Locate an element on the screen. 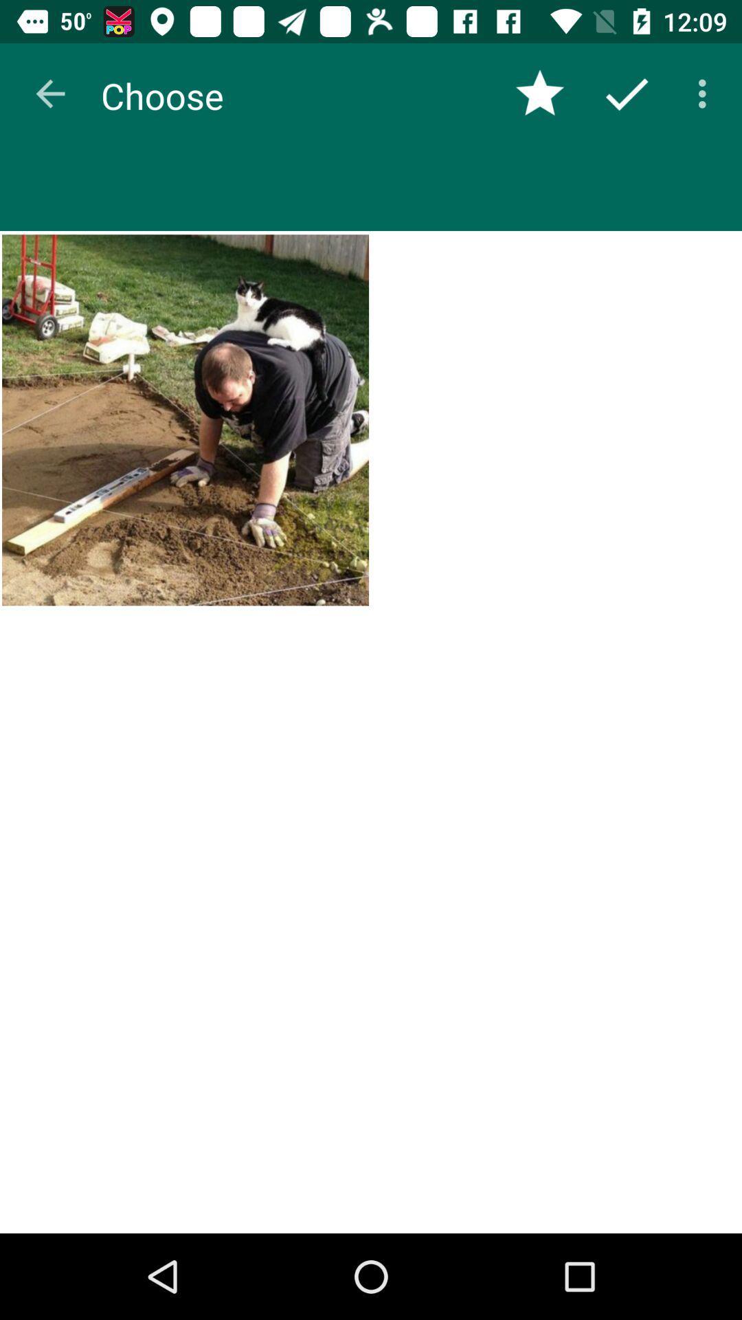 The image size is (742, 1320). icon to the right of choose is located at coordinates (539, 93).